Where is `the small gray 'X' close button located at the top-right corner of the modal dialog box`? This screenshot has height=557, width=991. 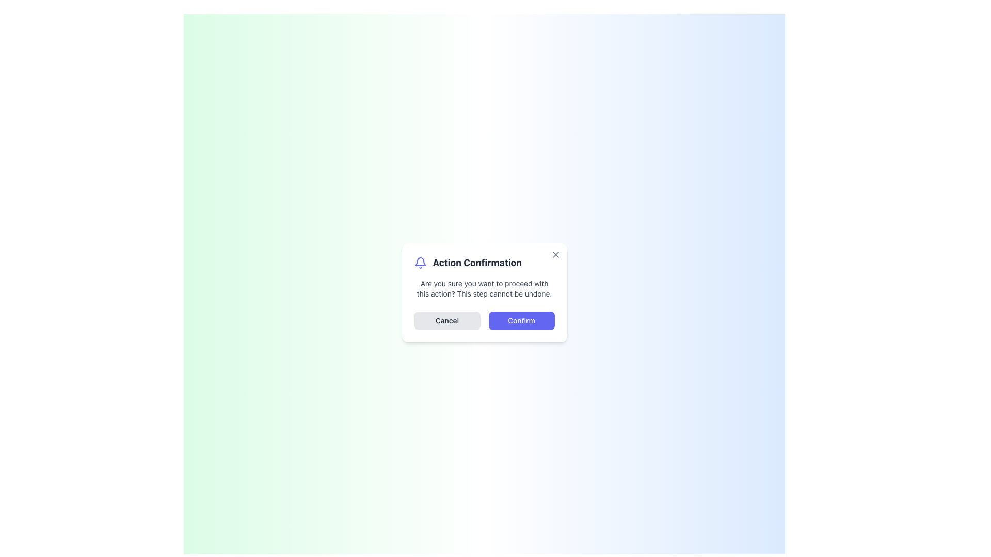 the small gray 'X' close button located at the top-right corner of the modal dialog box is located at coordinates (555, 254).